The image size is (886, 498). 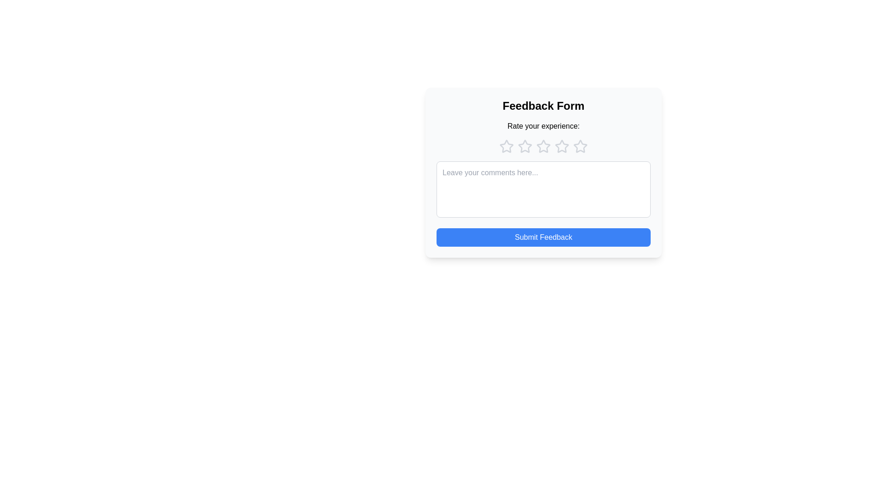 What do you see at coordinates (506, 146) in the screenshot?
I see `the first star icon in the rating system below the 'Rate your experience' label to rate it` at bounding box center [506, 146].